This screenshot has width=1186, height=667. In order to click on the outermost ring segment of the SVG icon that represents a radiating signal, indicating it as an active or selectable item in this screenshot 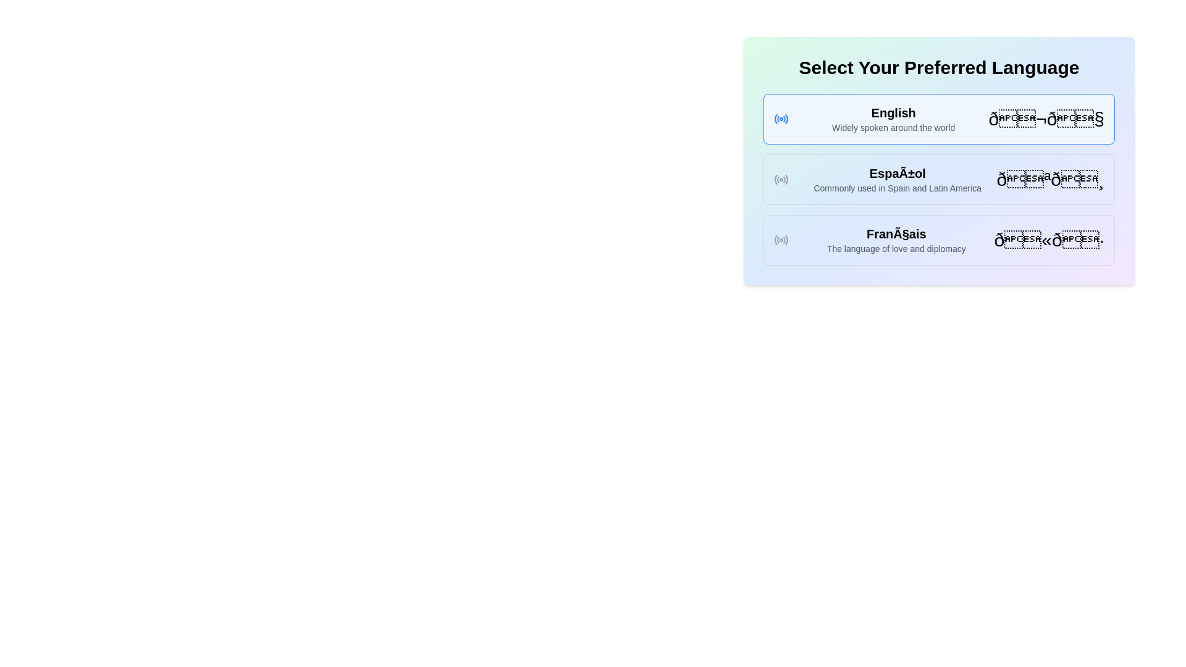, I will do `click(786, 179)`.